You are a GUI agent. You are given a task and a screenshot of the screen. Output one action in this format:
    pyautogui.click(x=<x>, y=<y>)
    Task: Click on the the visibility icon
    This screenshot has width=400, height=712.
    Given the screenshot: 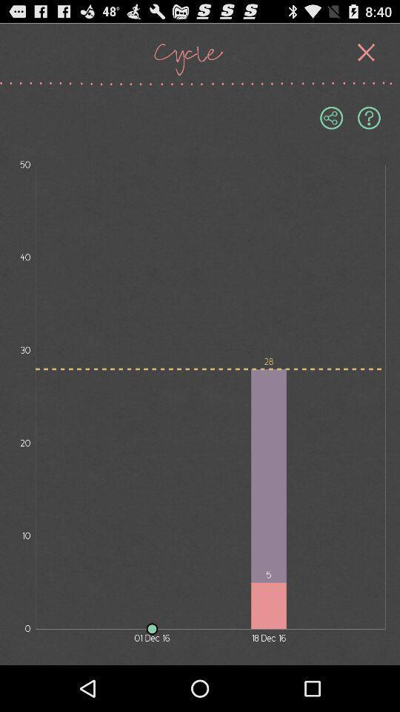 What is the action you would take?
    pyautogui.click(x=331, y=125)
    